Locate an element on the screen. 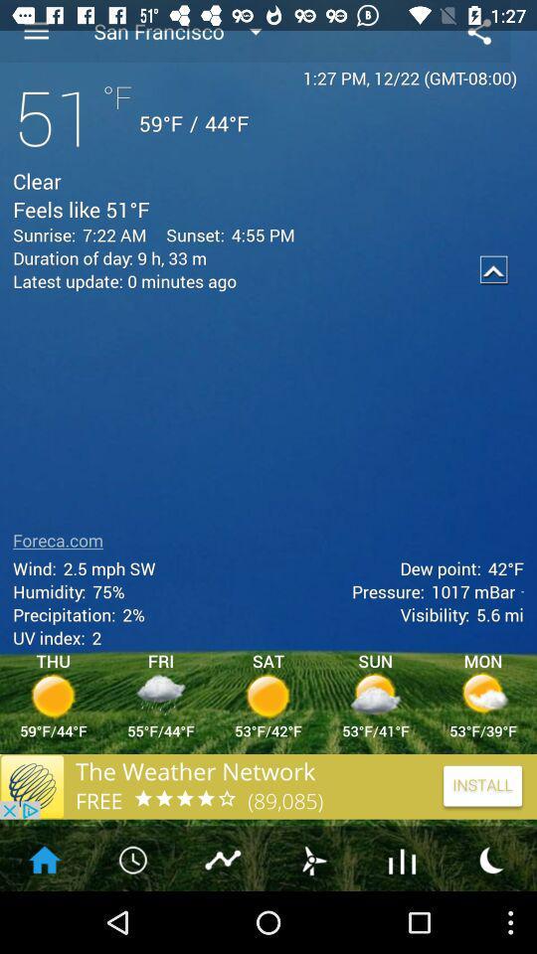  the option that is beside the moon icon is located at coordinates (403, 858).